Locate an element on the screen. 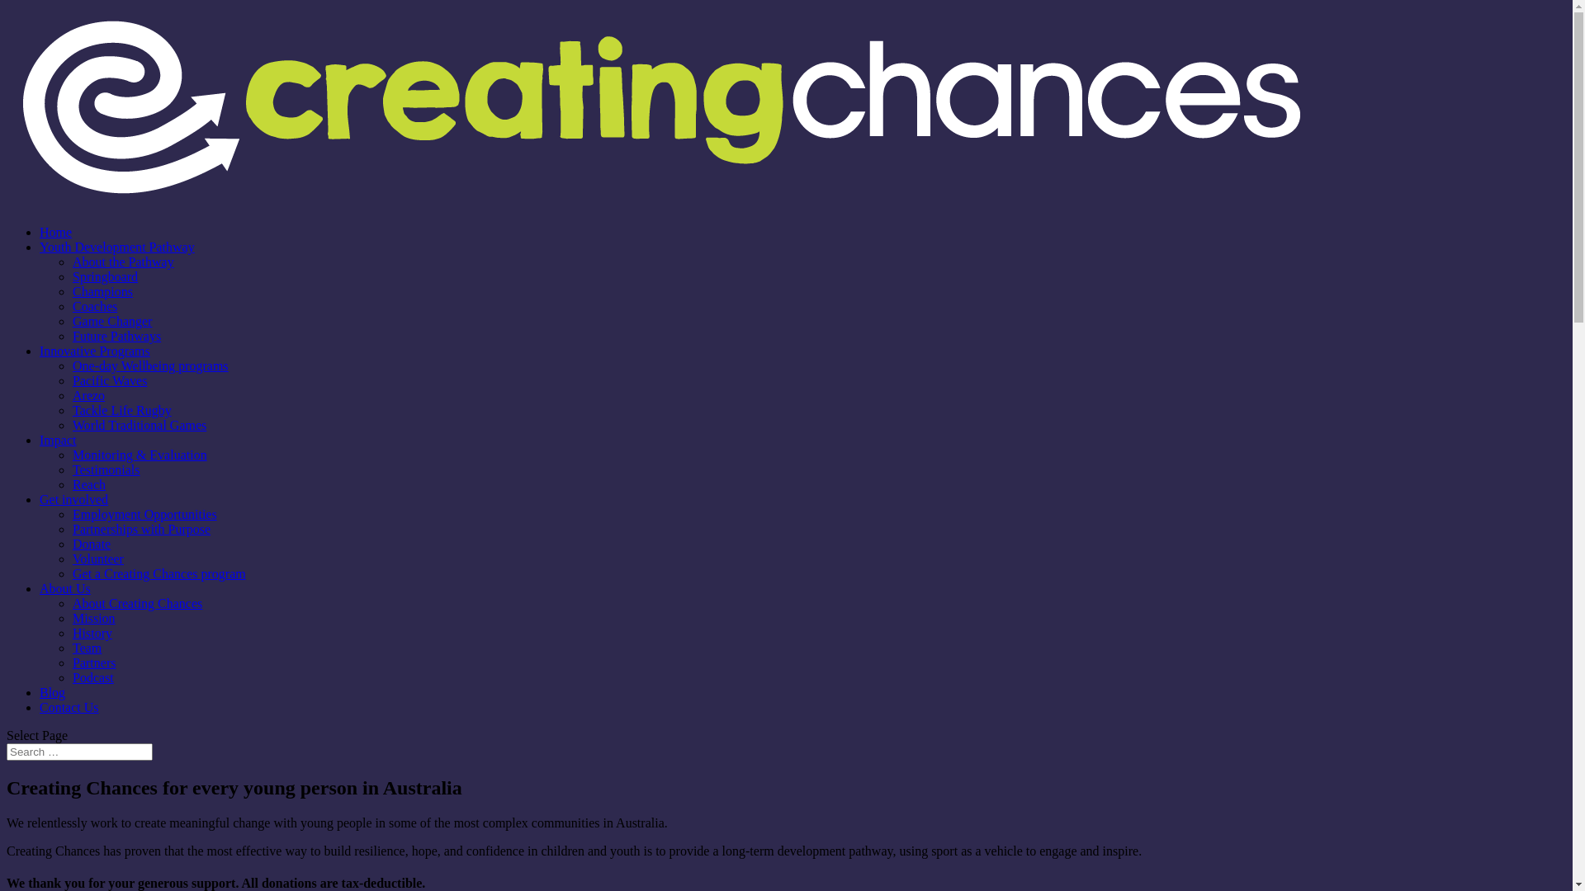 Image resolution: width=1585 pixels, height=891 pixels. 'Monitoring & Evaluation' is located at coordinates (140, 455).